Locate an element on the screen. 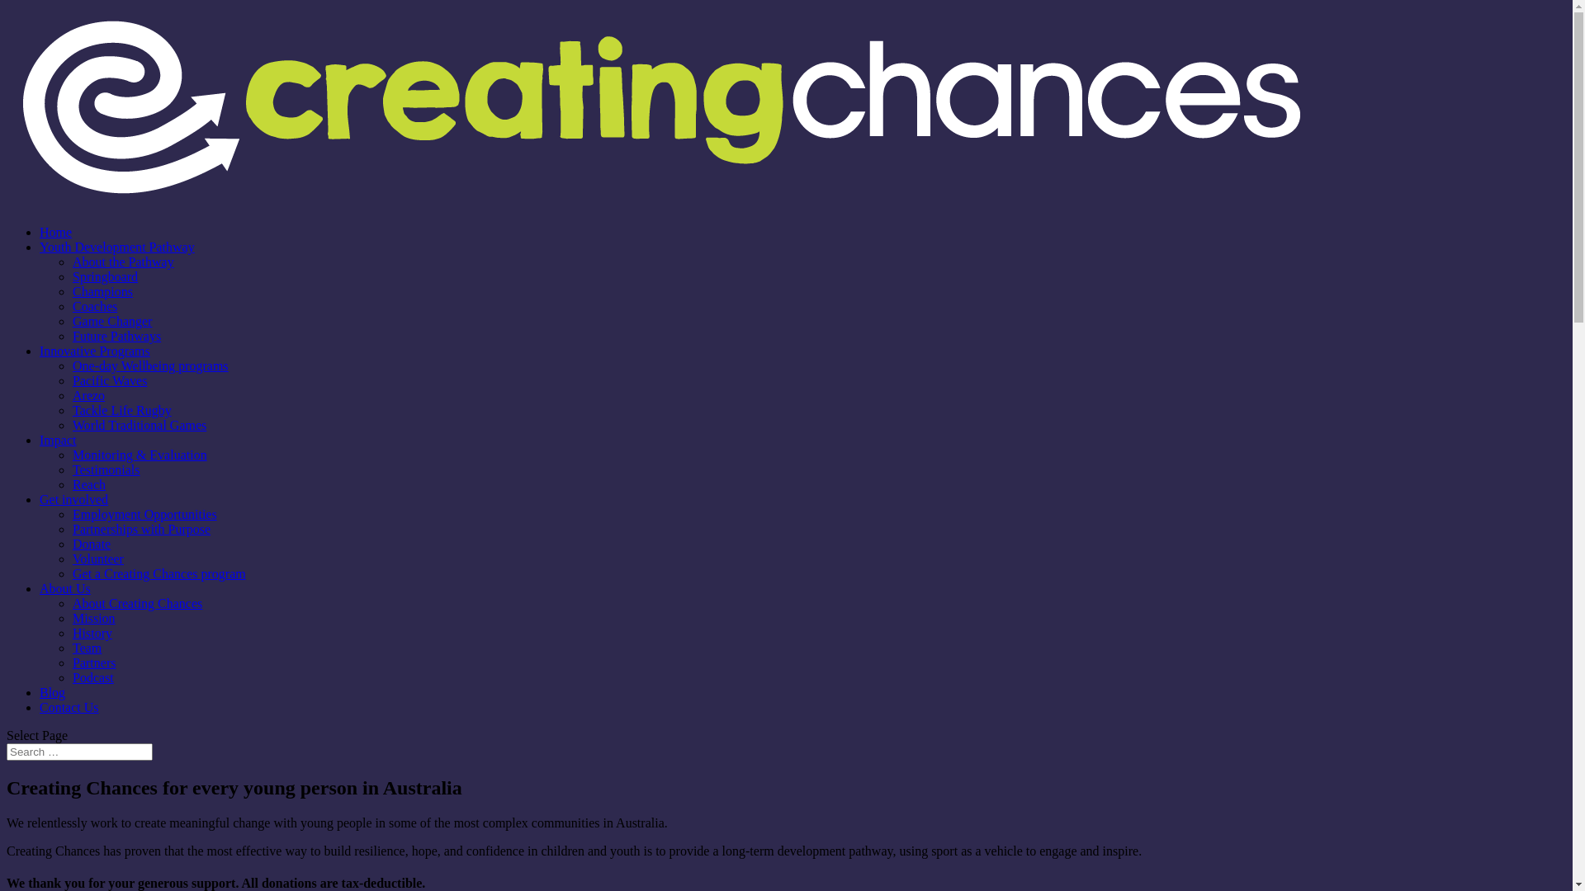 Image resolution: width=1585 pixels, height=891 pixels. 'Monitoring & Evaluation' is located at coordinates (140, 455).